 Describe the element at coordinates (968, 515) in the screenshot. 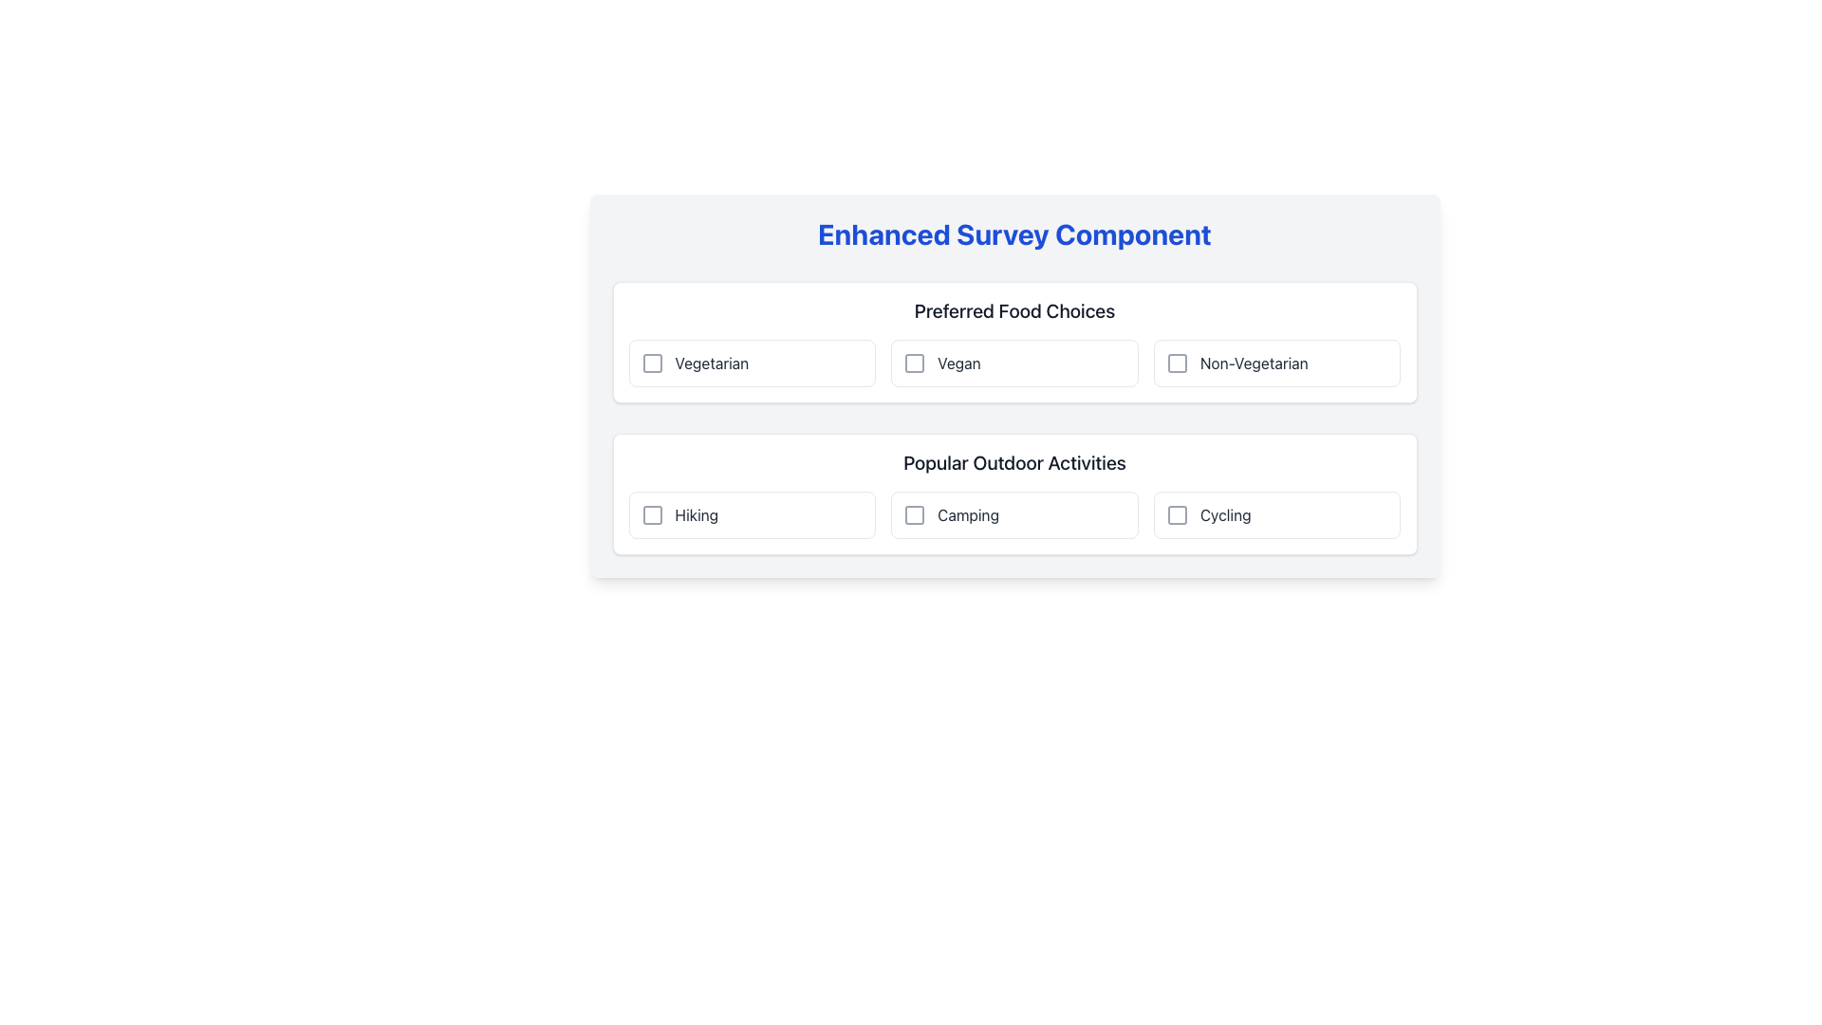

I see `the 'Camping' text label, which is located in the 'Popular Outdoor Activities' selection group` at that location.